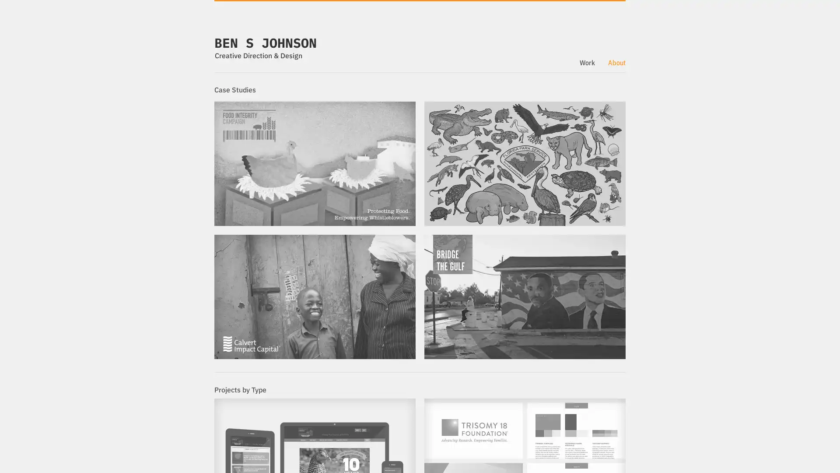 This screenshot has height=473, width=840. Describe the element at coordinates (616, 62) in the screenshot. I see `About` at that location.